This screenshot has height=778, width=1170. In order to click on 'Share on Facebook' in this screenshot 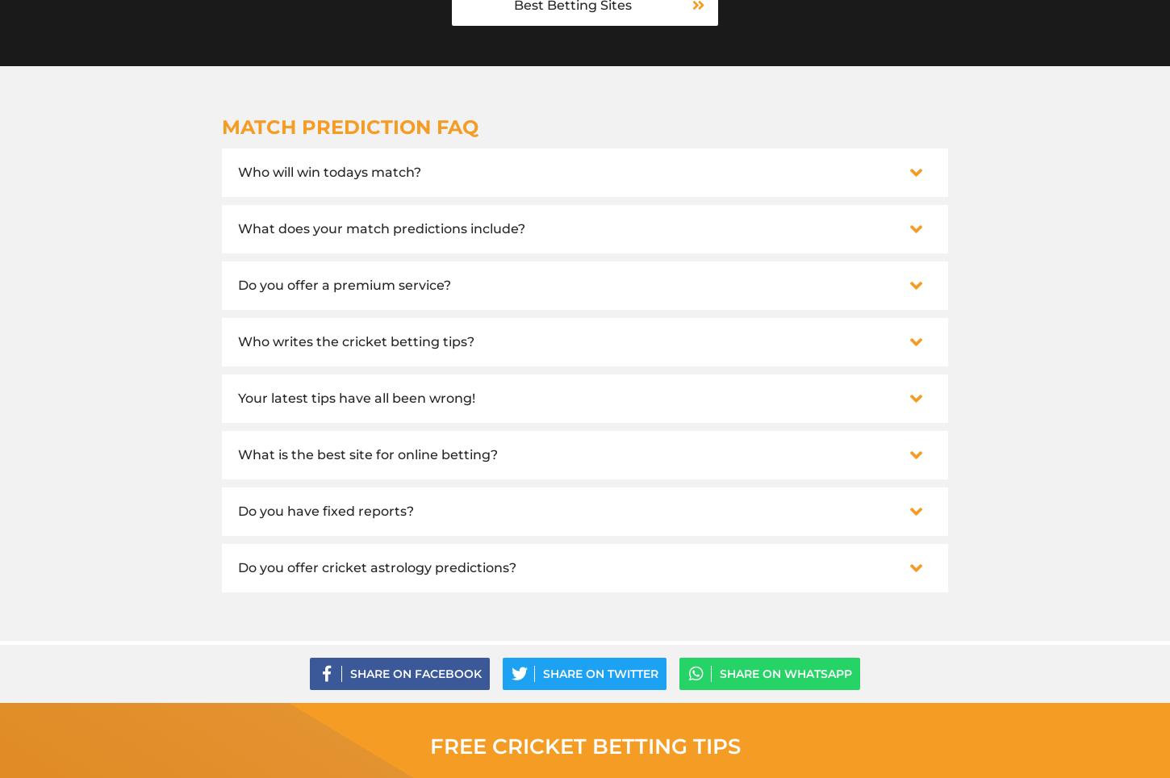, I will do `click(349, 671)`.